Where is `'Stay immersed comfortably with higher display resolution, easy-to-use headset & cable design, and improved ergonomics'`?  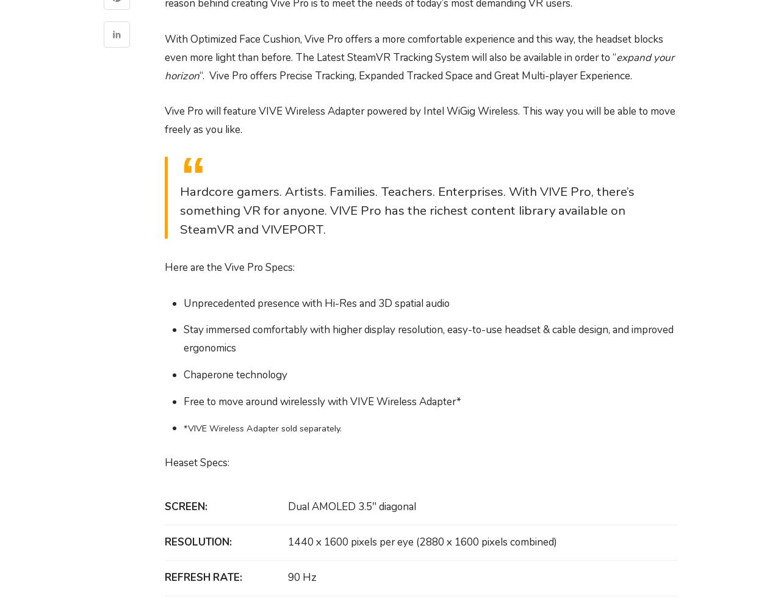
'Stay immersed comfortably with higher display resolution, easy-to-use headset & cable design, and improved ergonomics' is located at coordinates (428, 339).